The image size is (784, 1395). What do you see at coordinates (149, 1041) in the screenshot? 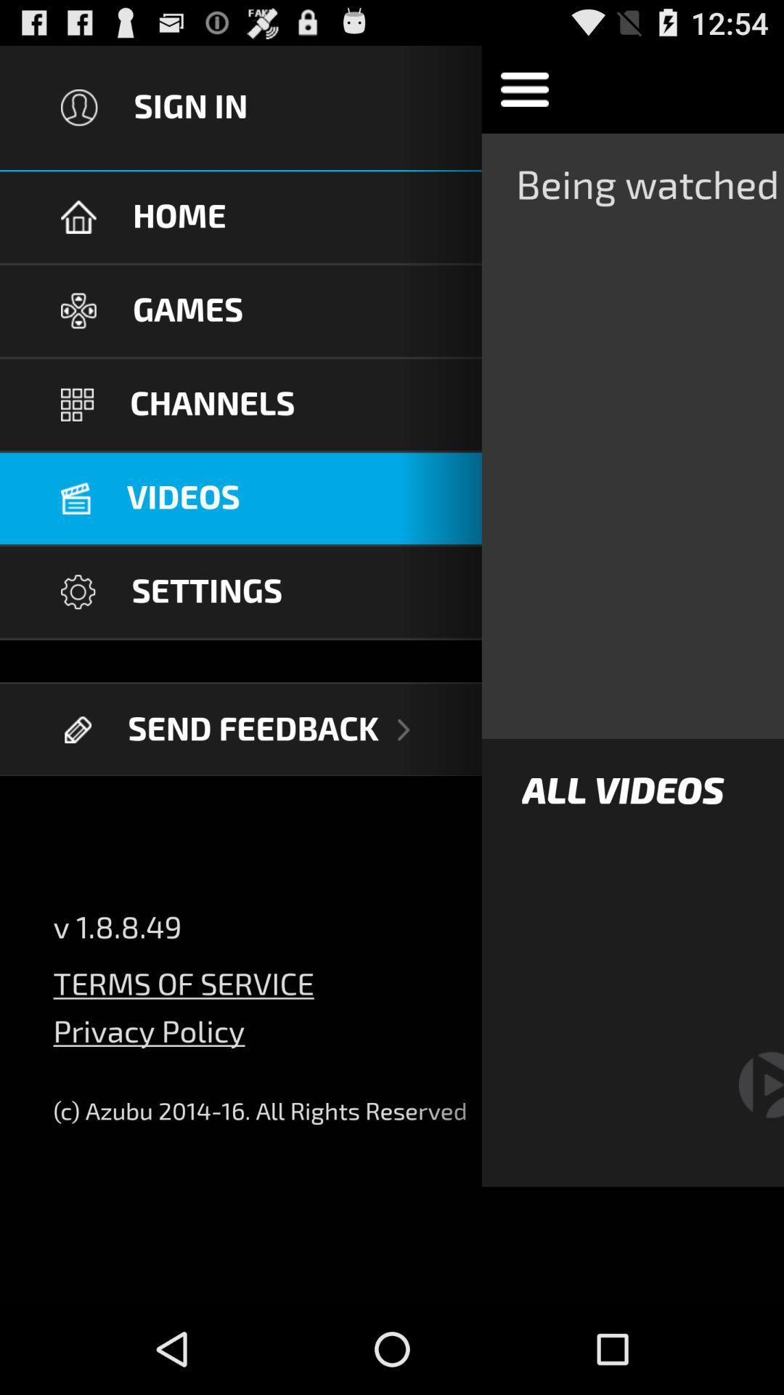
I see `icon below terms of service item` at bounding box center [149, 1041].